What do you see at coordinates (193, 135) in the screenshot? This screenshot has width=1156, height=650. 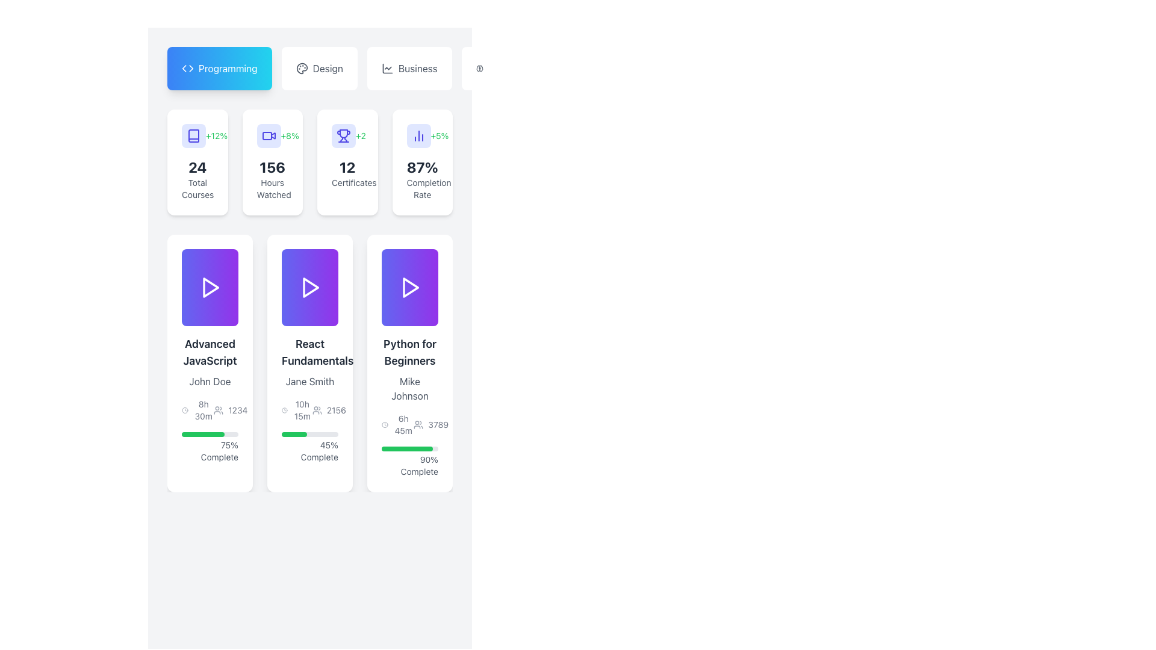 I see `the 'Courses' icon located in the top-left quadrant above the '24 Total Courses' text, if it becomes interactive` at bounding box center [193, 135].